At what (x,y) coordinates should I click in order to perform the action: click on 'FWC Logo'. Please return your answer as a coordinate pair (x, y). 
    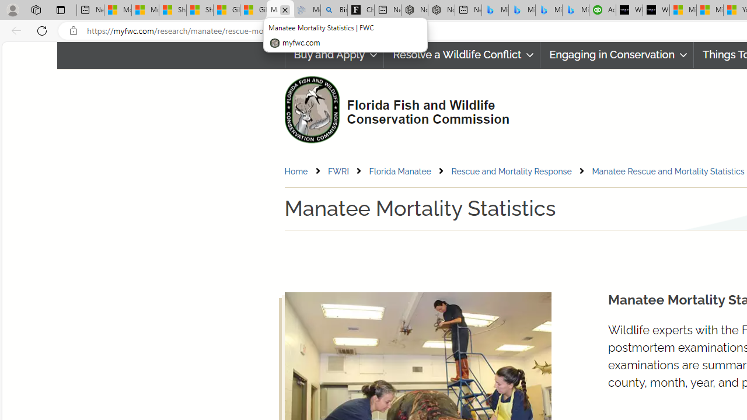
    Looking at the image, I should click on (312, 109).